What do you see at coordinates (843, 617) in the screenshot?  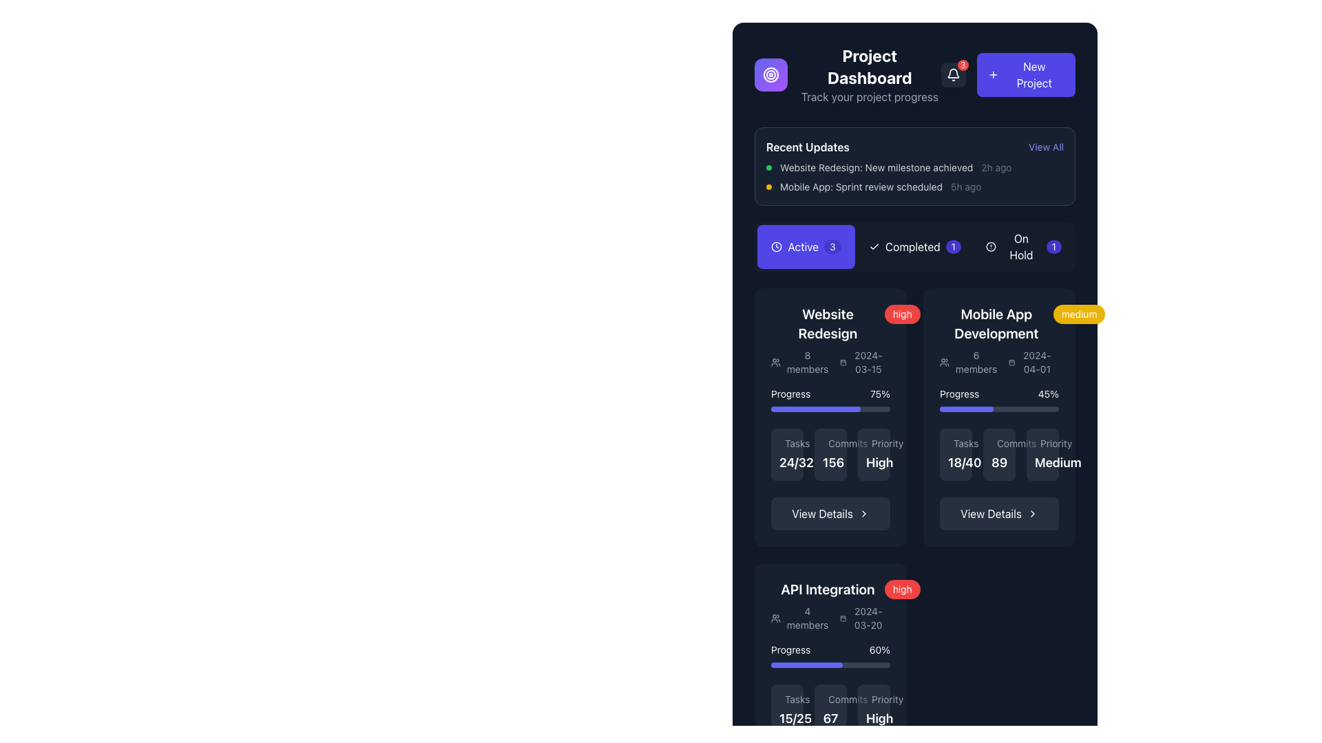 I see `the calendar icon located in the 'API Integration' section of the dashboard UI, which is represented in a modern vector style with a white color on a dark background` at bounding box center [843, 617].